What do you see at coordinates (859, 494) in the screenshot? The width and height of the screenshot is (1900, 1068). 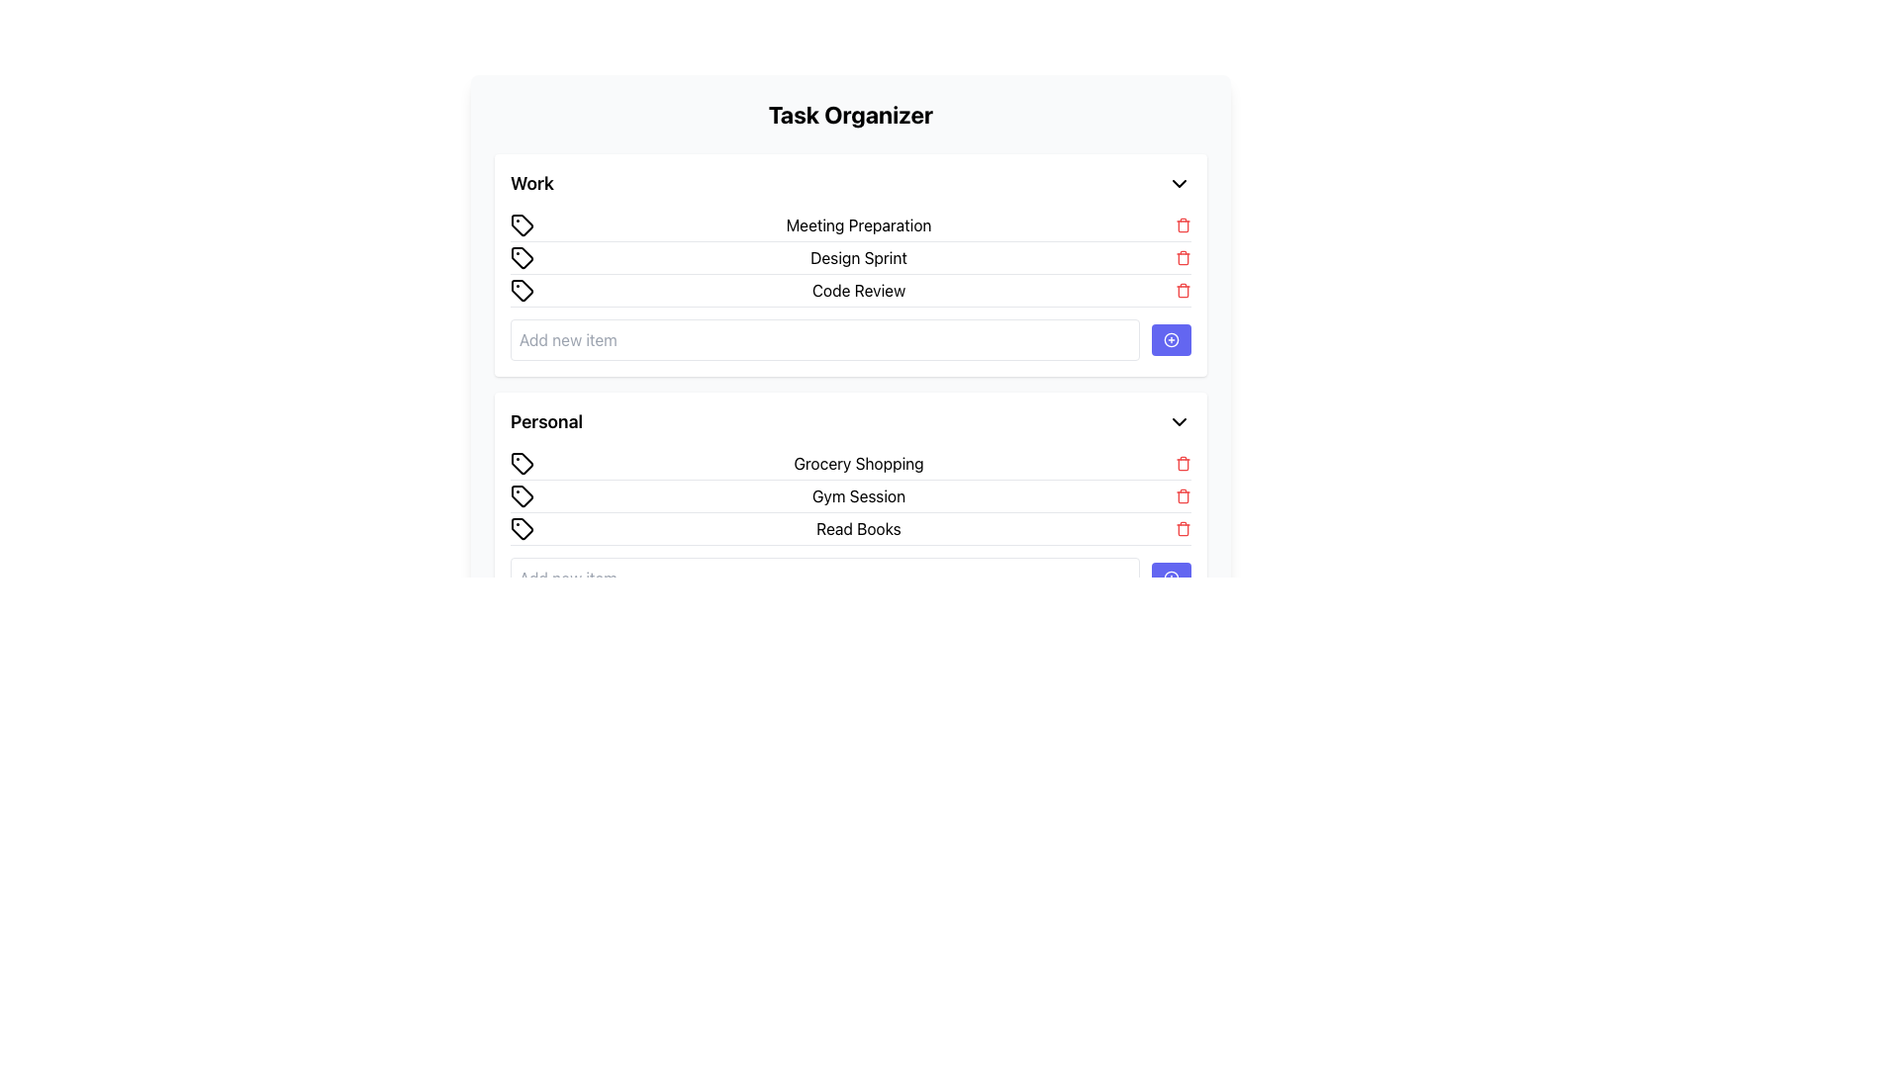 I see `text of the 'Gym Session' label, which is the second item in the 'Personal' category list, positioned between 'Grocery Shopping' and 'Read Books'` at bounding box center [859, 494].